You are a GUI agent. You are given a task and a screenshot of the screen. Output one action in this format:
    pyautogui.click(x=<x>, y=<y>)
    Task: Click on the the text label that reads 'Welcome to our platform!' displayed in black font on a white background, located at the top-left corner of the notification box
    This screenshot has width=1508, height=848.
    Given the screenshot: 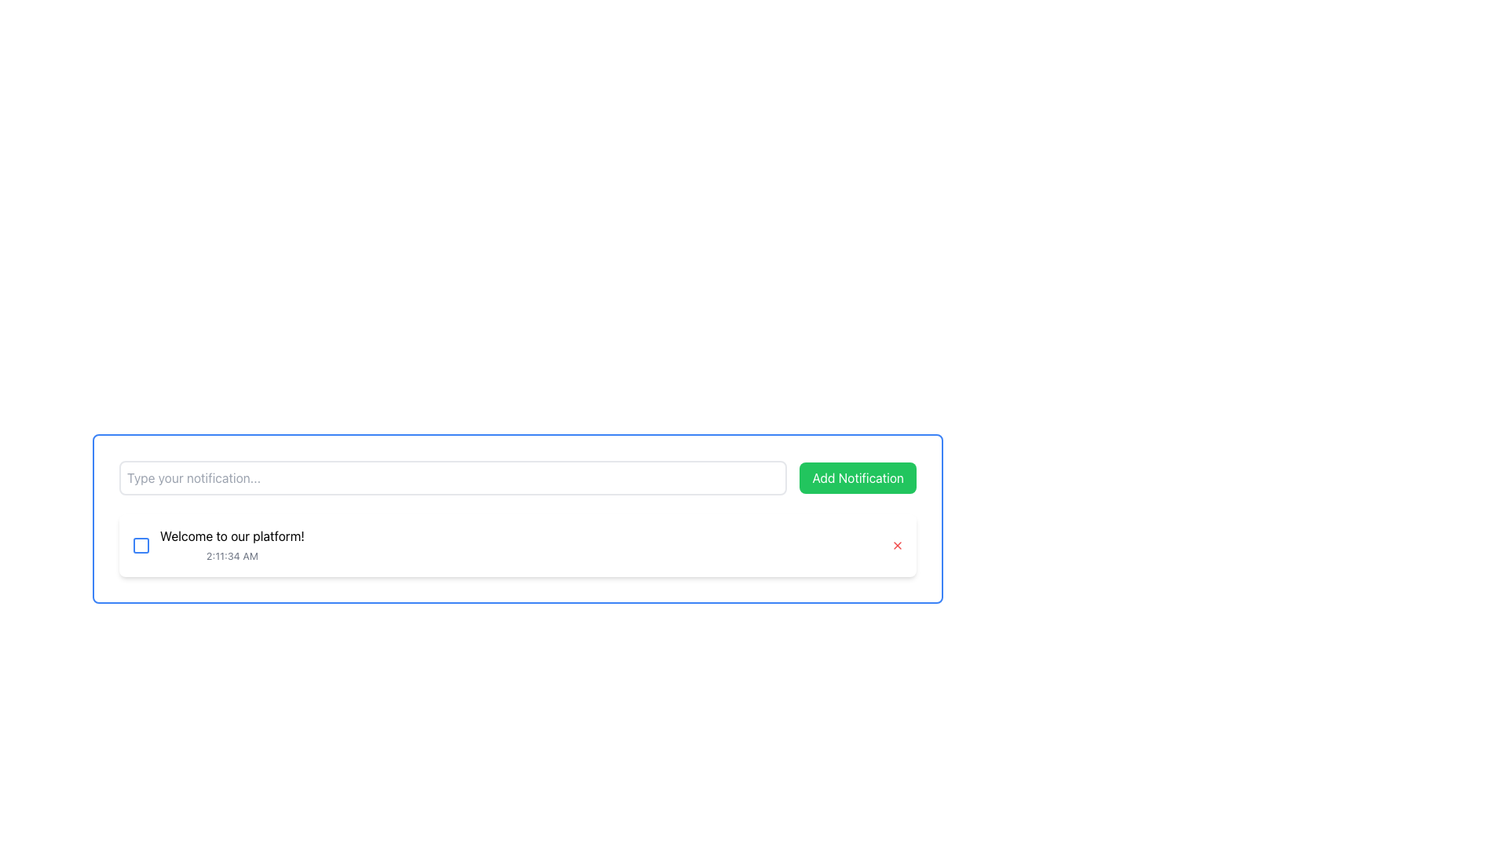 What is the action you would take?
    pyautogui.click(x=231, y=535)
    